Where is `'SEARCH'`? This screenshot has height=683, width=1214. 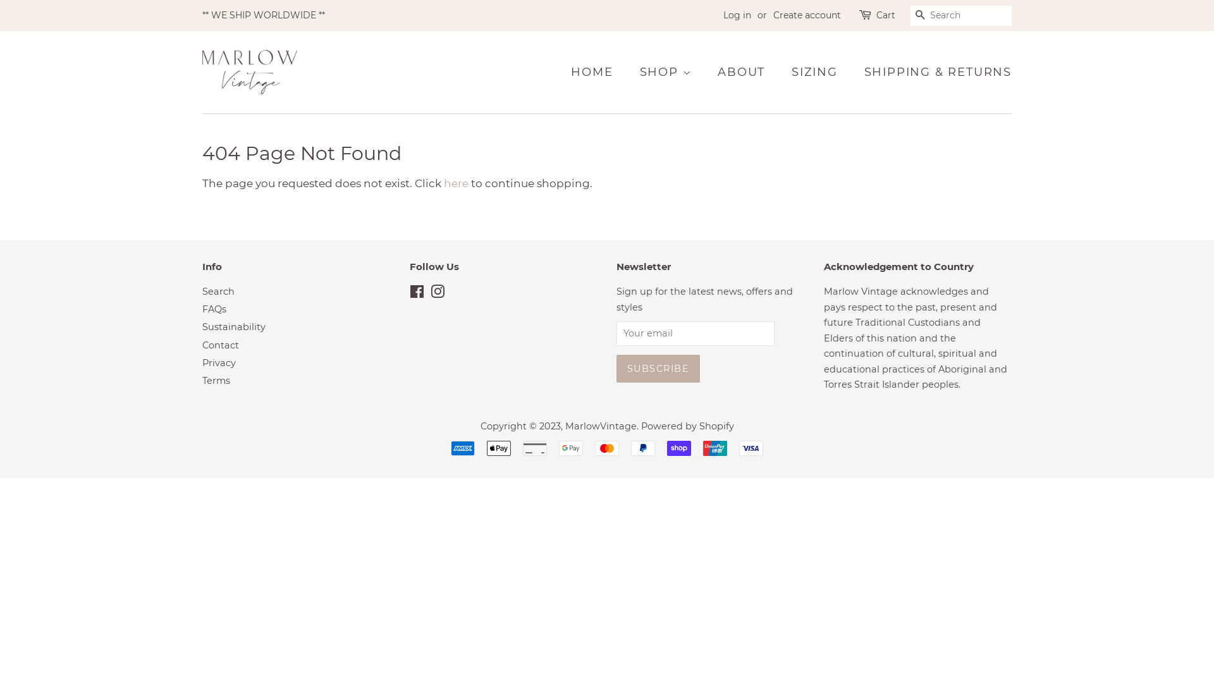
'SEARCH' is located at coordinates (920, 16).